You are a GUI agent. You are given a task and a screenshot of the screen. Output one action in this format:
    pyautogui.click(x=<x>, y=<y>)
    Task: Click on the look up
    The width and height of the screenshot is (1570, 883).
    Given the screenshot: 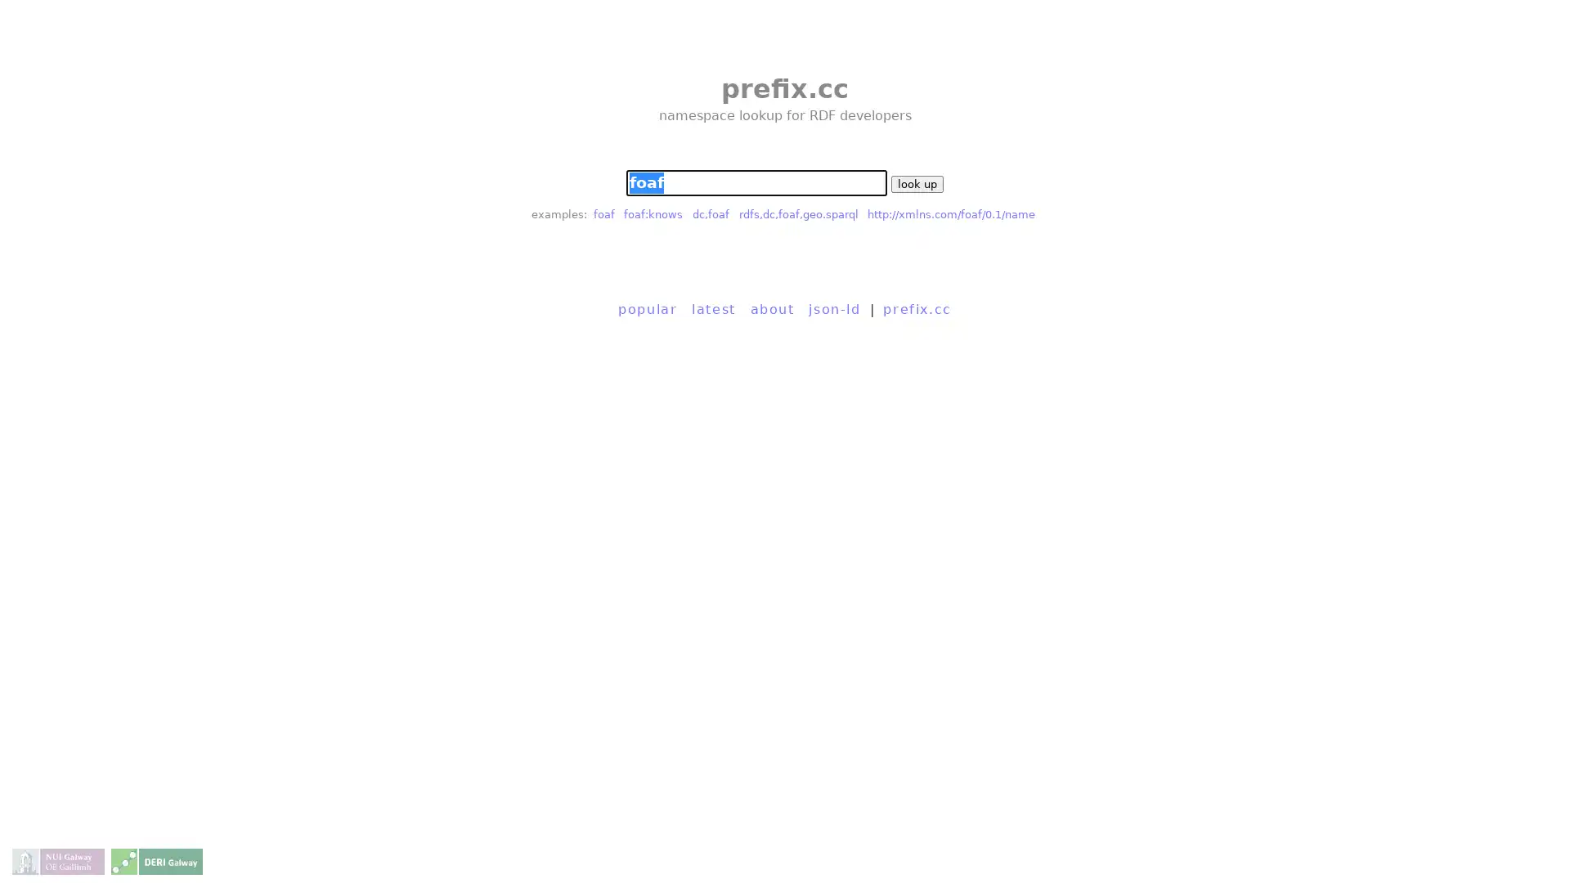 What is the action you would take?
    pyautogui.click(x=917, y=184)
    